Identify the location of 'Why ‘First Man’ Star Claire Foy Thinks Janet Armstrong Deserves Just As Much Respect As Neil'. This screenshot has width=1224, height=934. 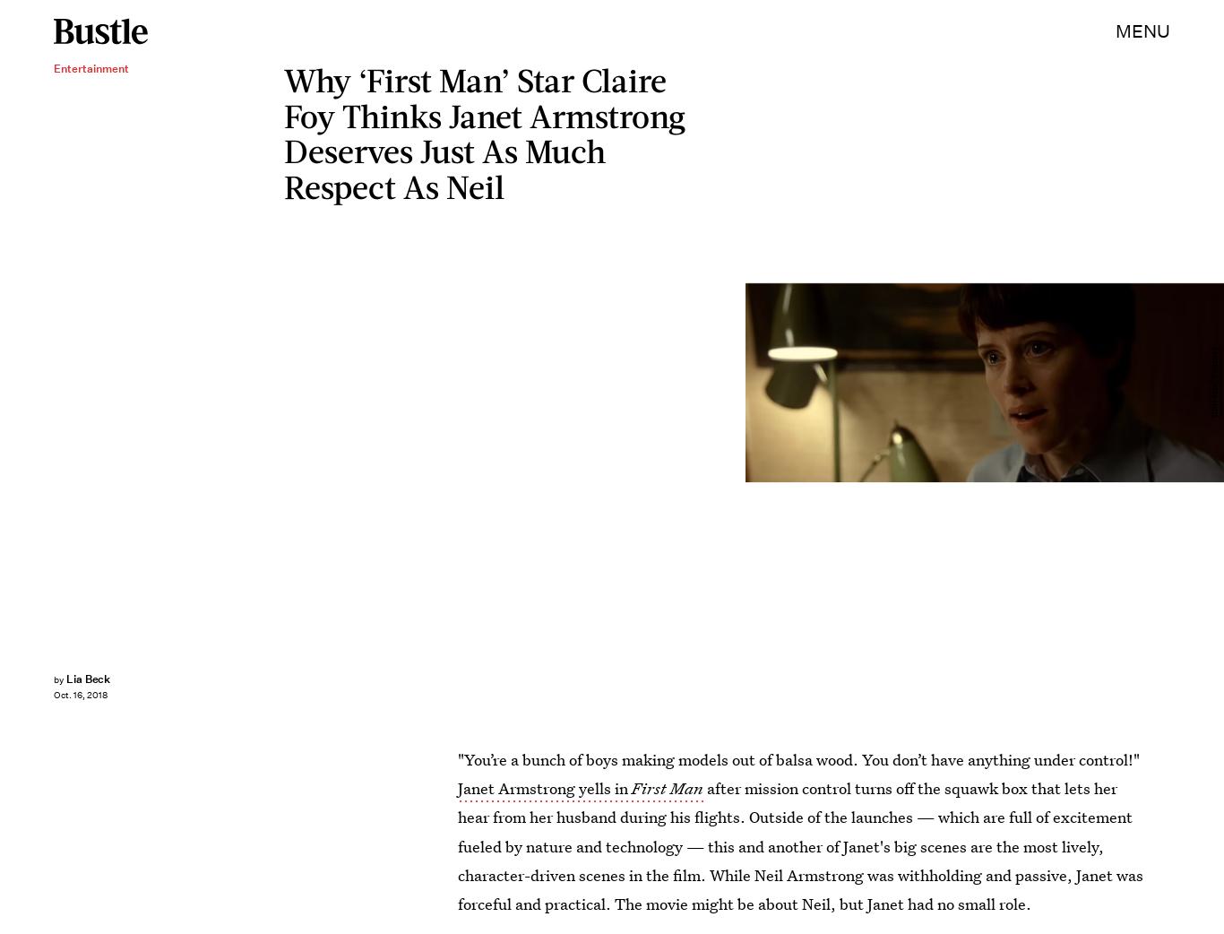
(484, 132).